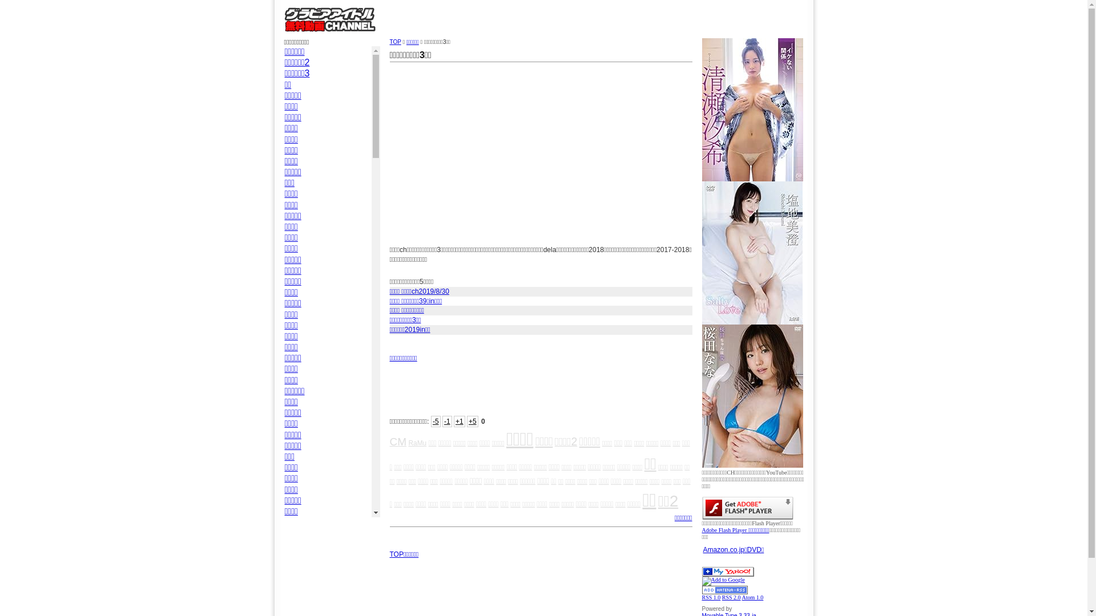 The image size is (1096, 616). I want to click on '-1', so click(446, 422).